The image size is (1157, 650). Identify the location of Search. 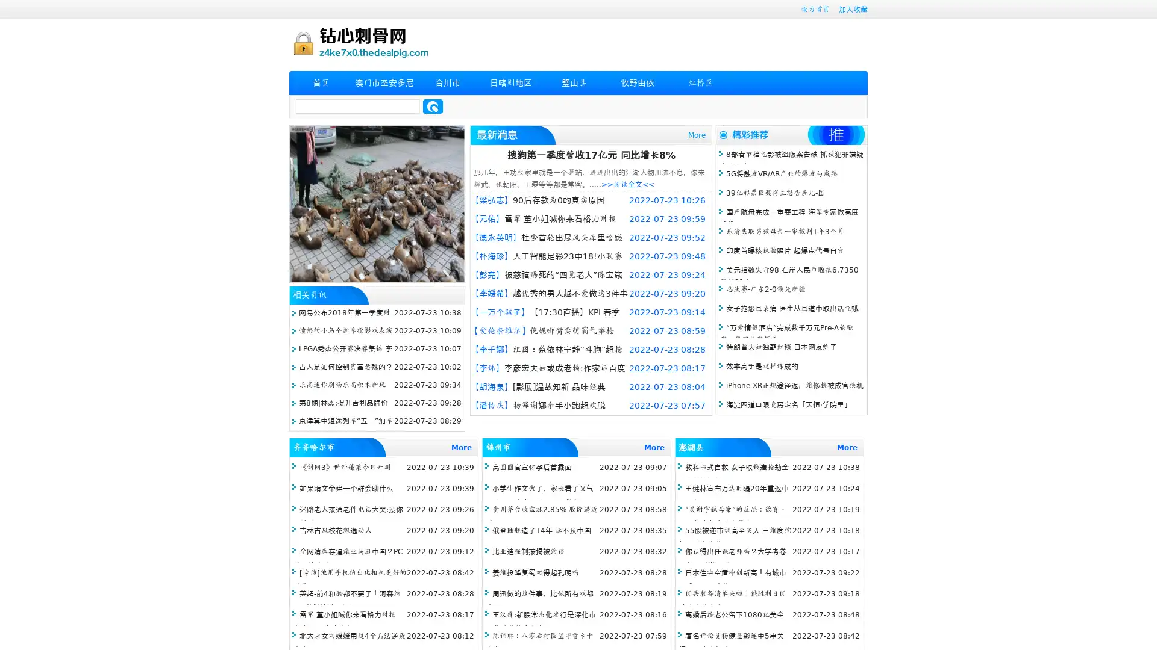
(433, 106).